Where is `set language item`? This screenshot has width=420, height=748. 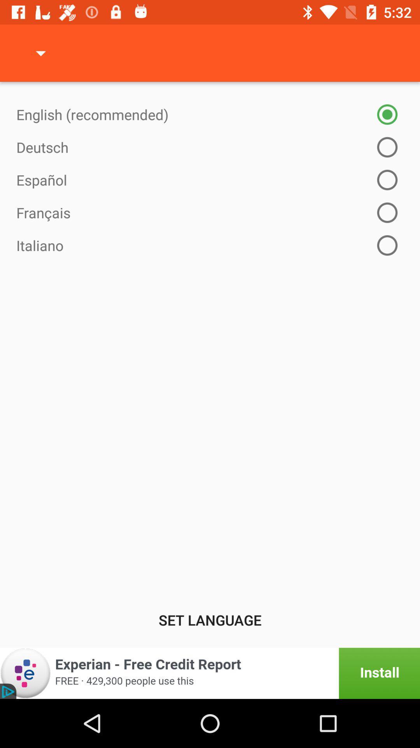 set language item is located at coordinates (210, 619).